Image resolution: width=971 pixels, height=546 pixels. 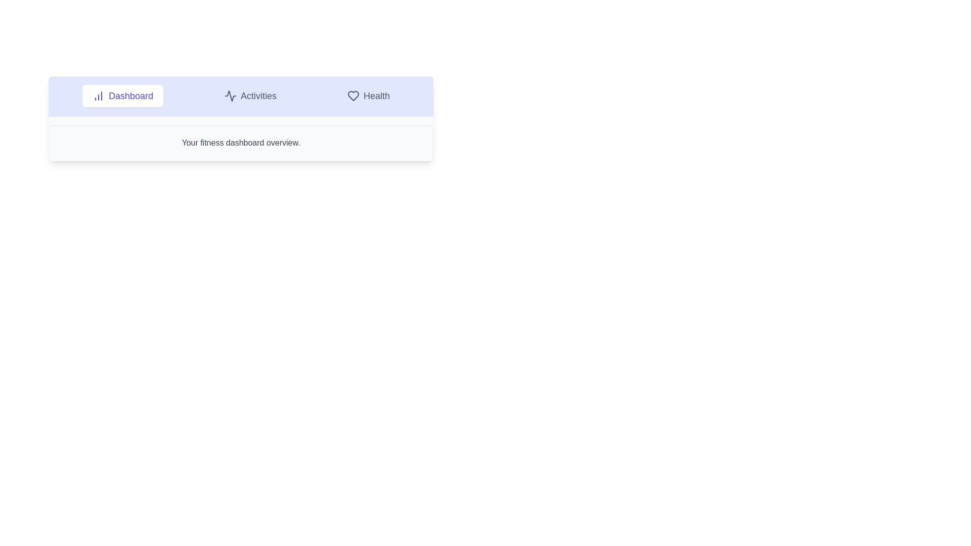 I want to click on the Activities tab to view its content, so click(x=250, y=96).